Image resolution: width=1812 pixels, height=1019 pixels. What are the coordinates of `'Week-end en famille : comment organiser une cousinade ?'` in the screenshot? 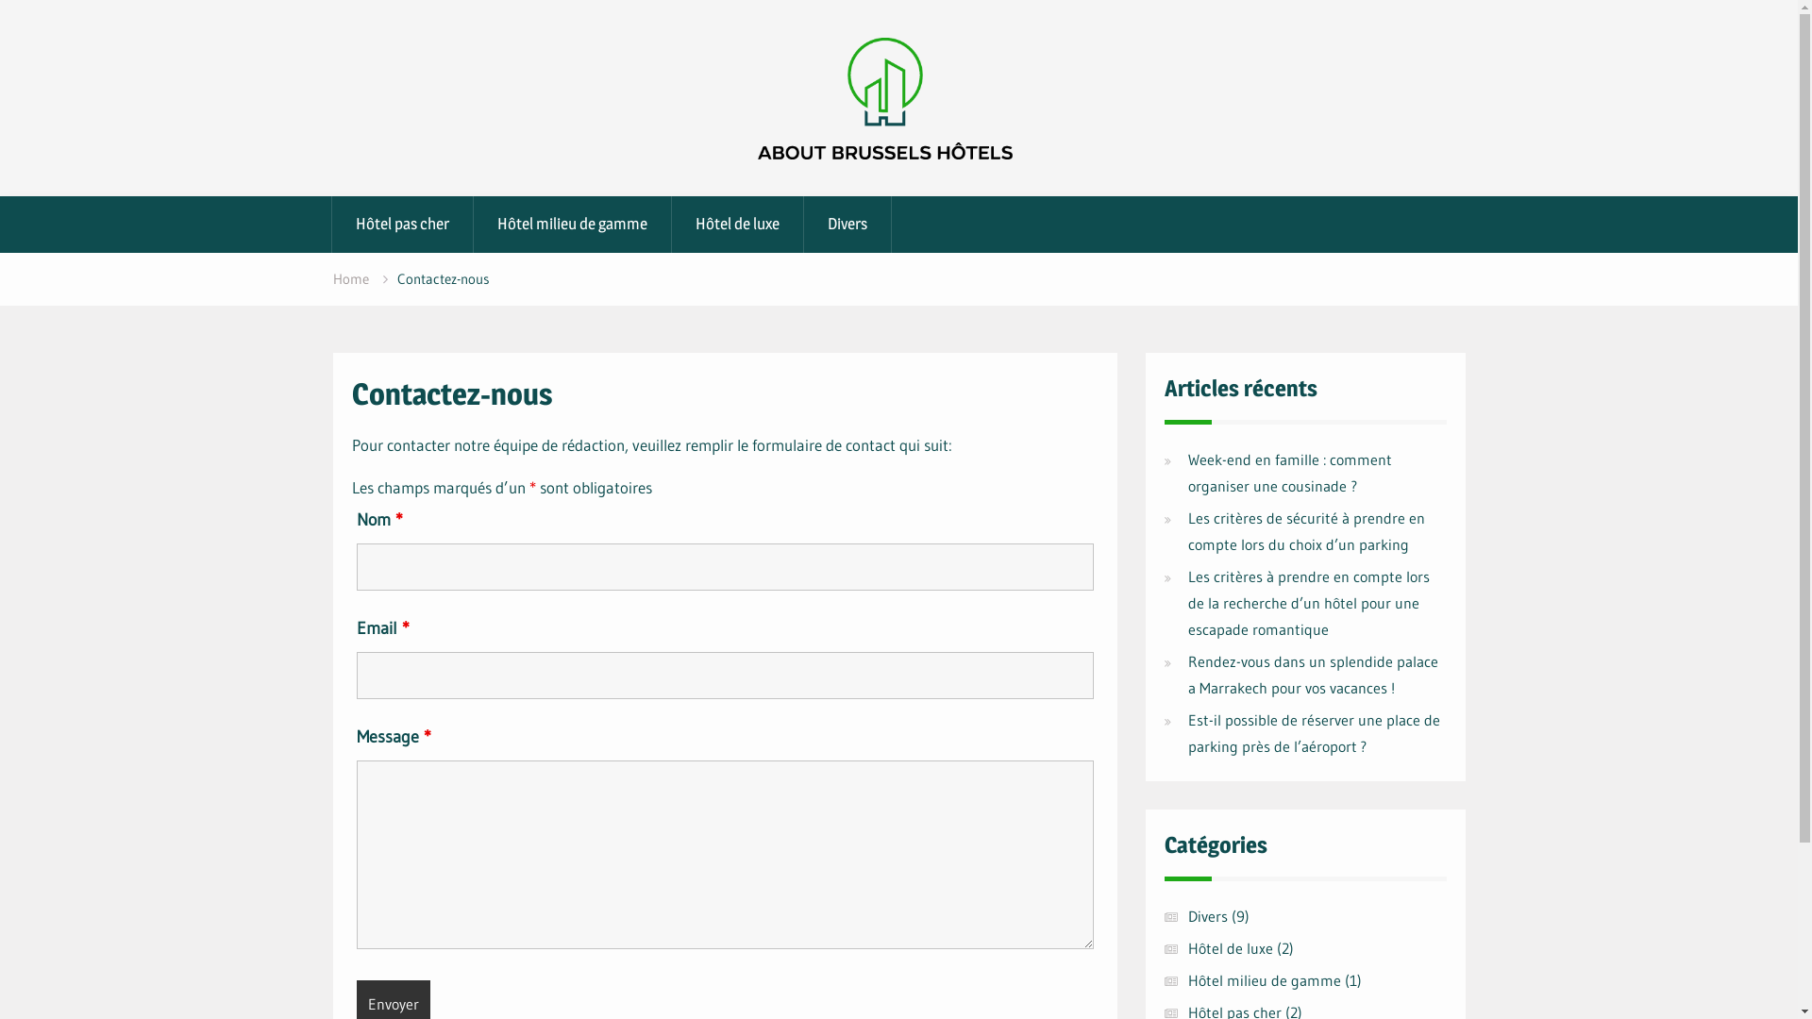 It's located at (1288, 472).